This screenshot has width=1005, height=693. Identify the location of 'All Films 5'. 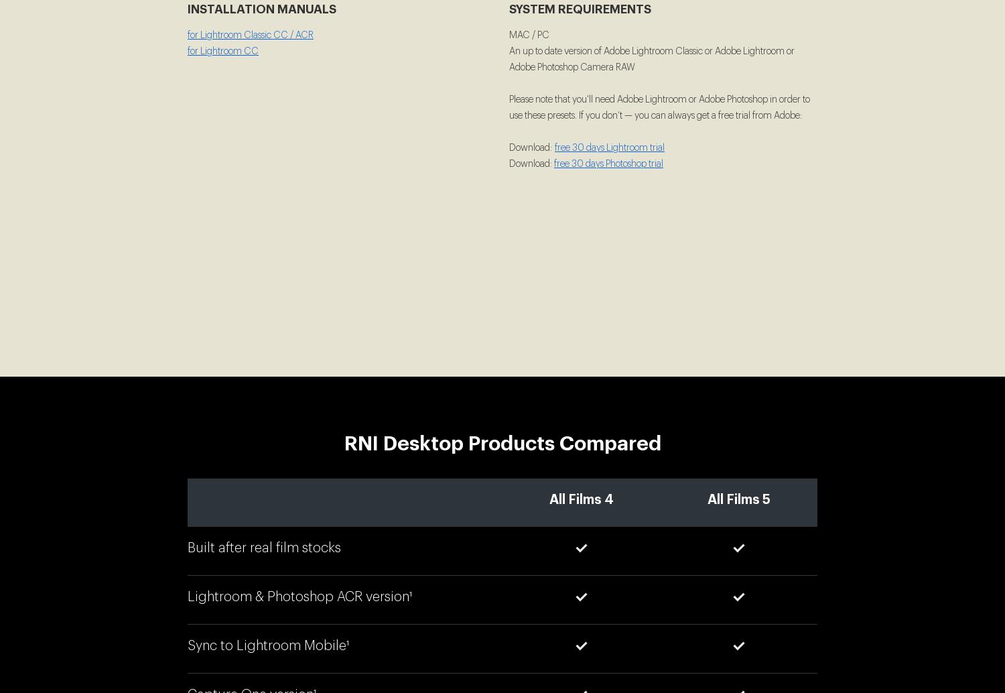
(738, 500).